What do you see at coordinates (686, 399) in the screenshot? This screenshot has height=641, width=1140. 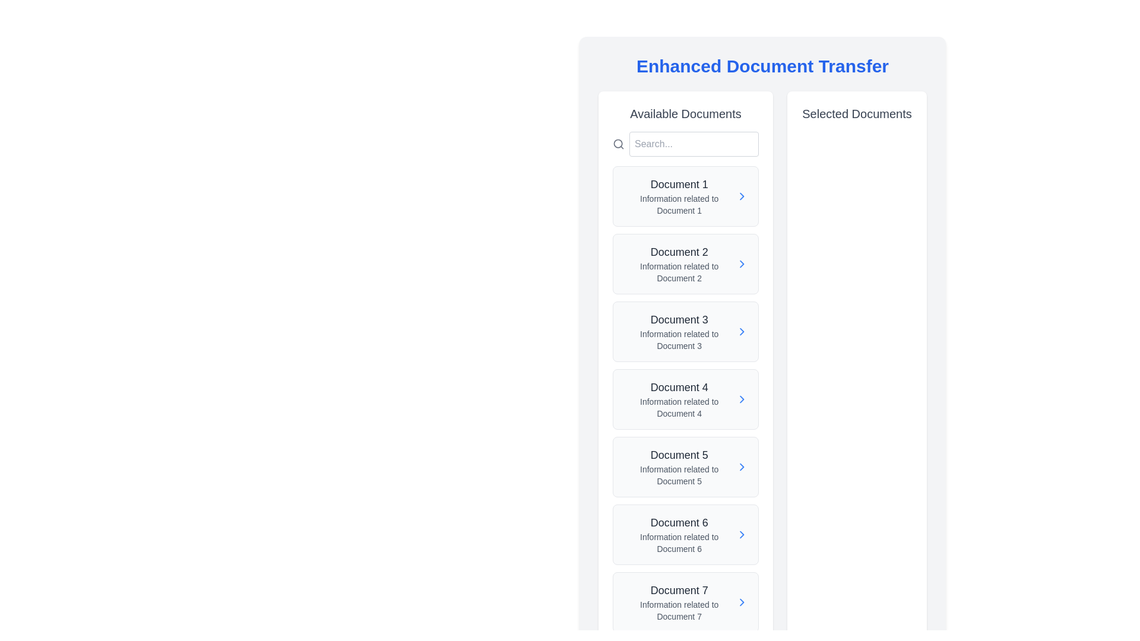 I see `the interactive card titled 'Document 4'` at bounding box center [686, 399].